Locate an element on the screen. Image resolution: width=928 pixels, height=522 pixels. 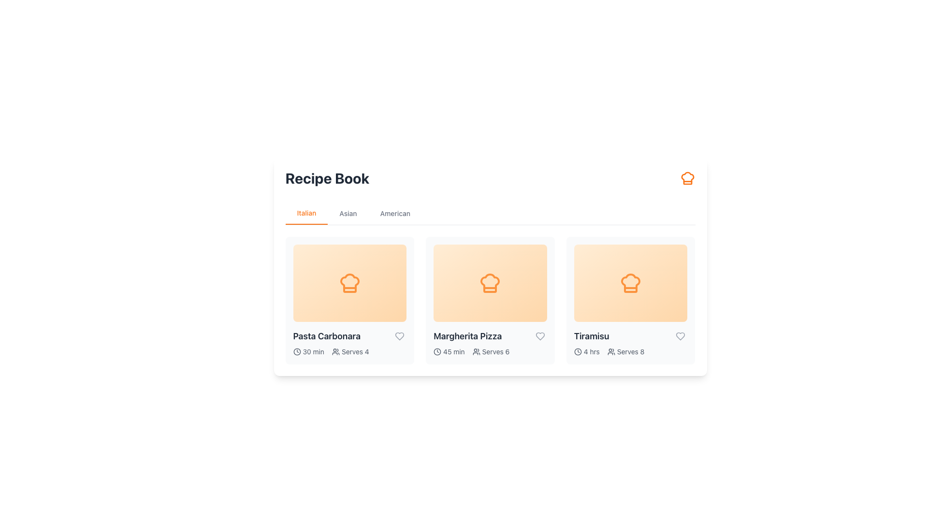
the Decorative card with a chef hat icon, located in the top left card of the Recipe Book section under the Italian category is located at coordinates (349, 283).